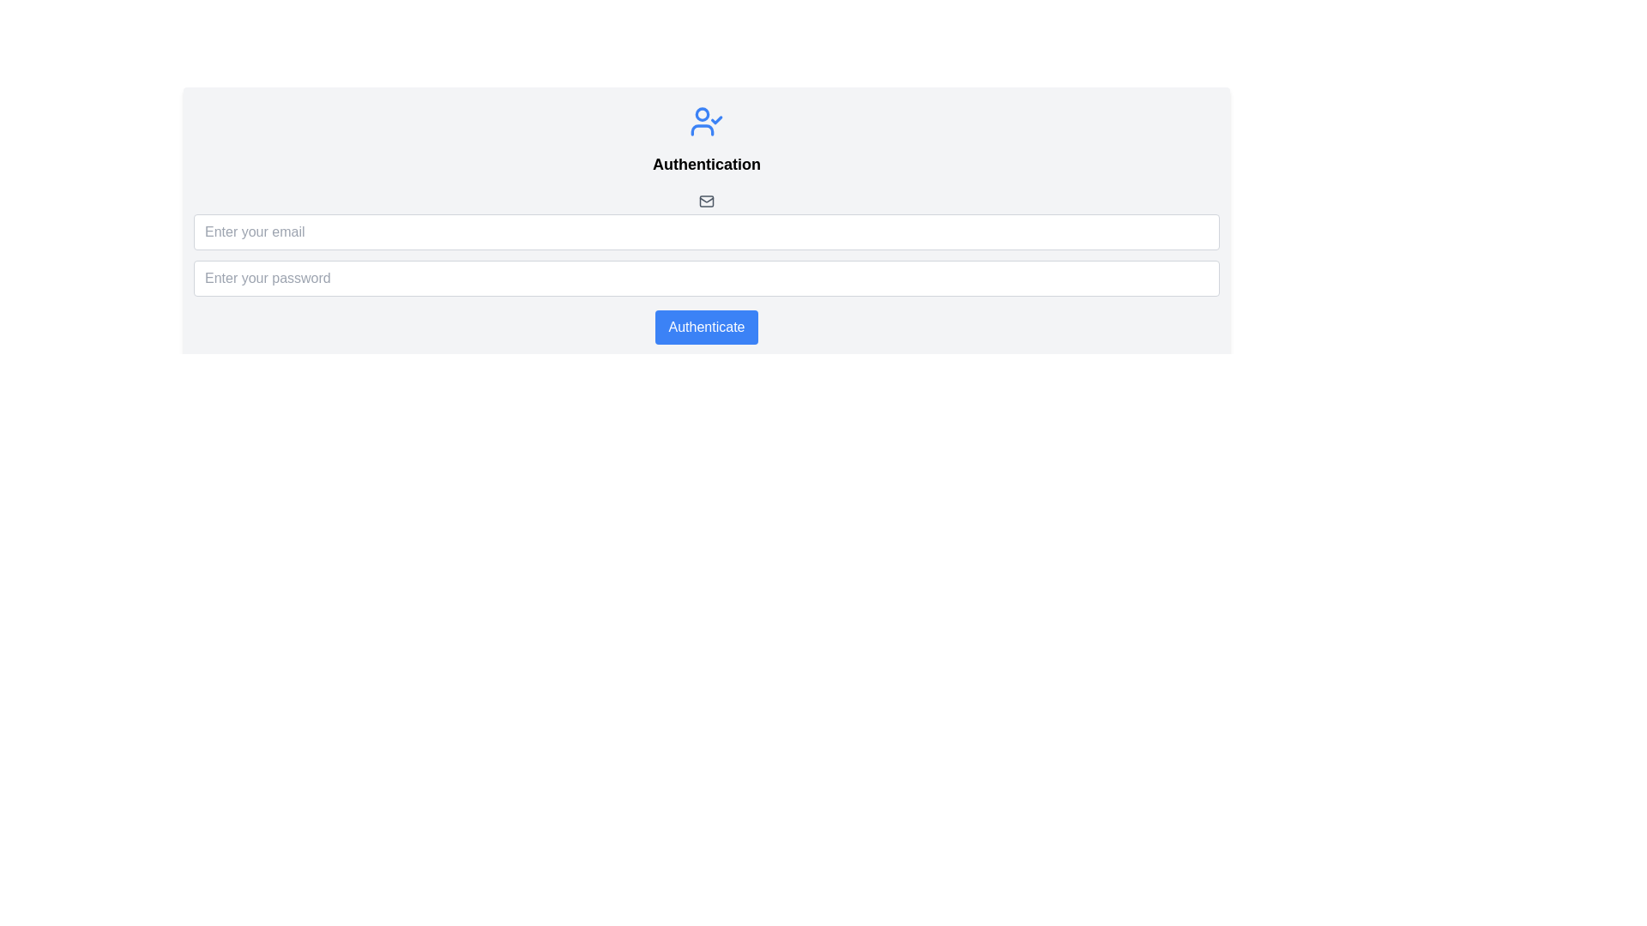  I want to click on the decorative email icon located above the 'Enter your email' input field, which is centered horizontally within the form section, so click(707, 200).